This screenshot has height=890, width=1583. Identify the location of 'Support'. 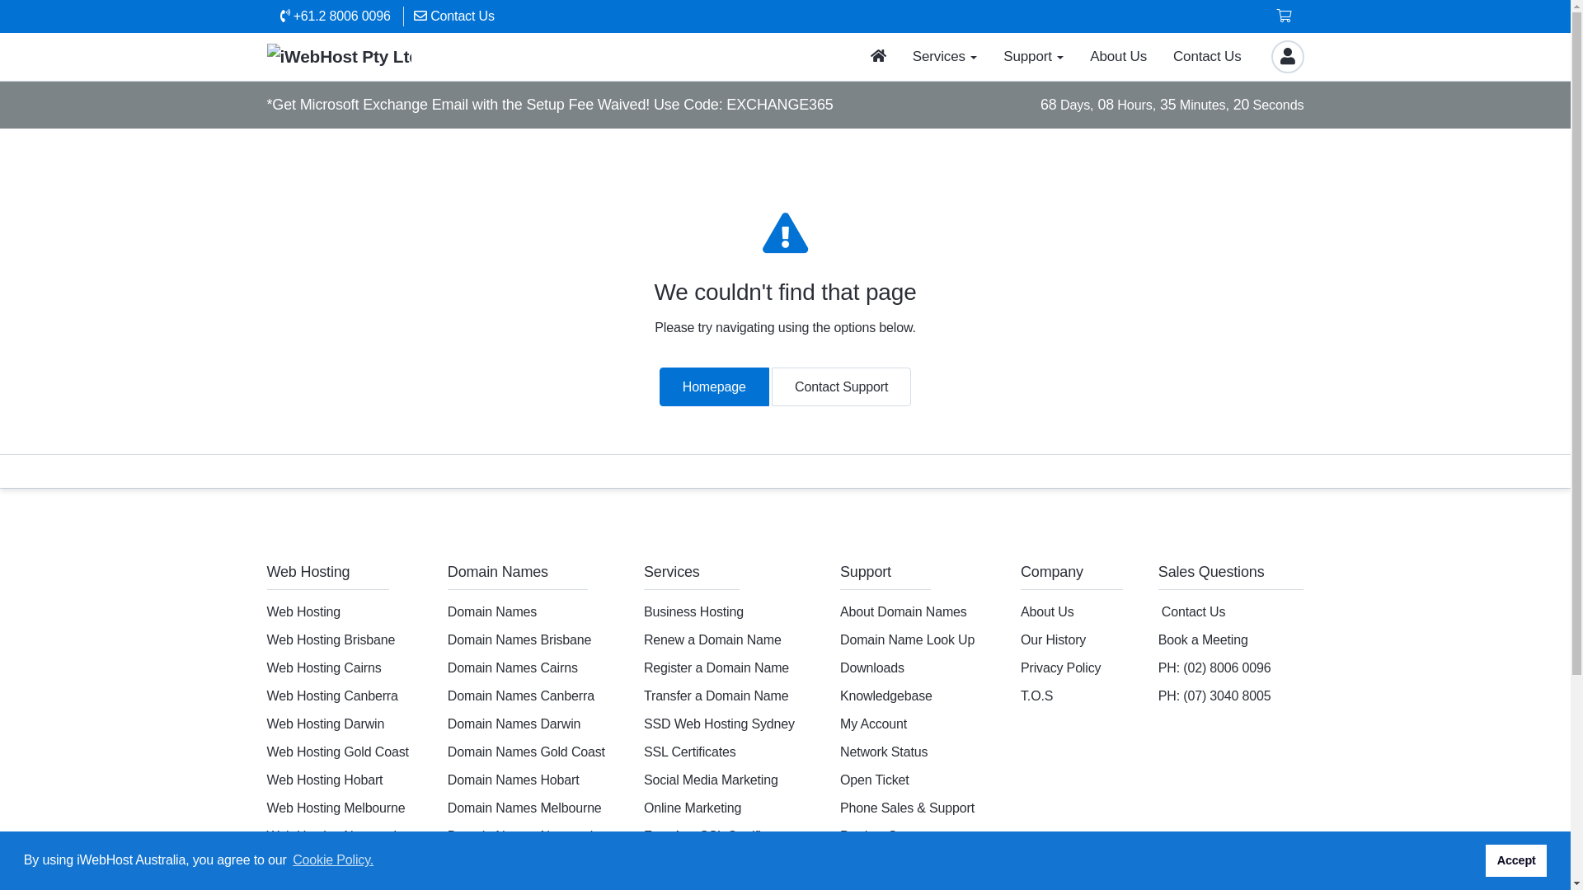
(989, 56).